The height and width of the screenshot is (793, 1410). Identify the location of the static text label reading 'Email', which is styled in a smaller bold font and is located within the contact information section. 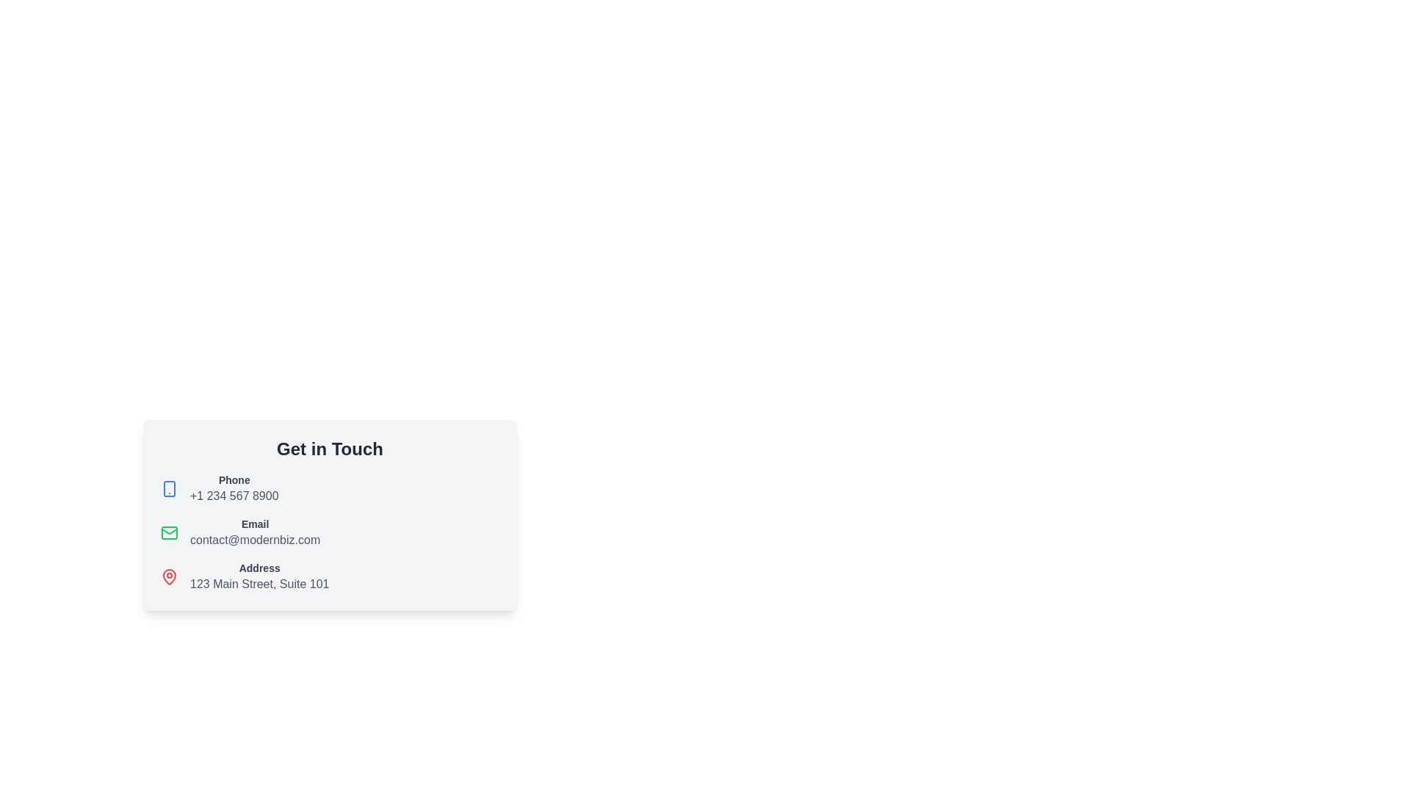
(255, 523).